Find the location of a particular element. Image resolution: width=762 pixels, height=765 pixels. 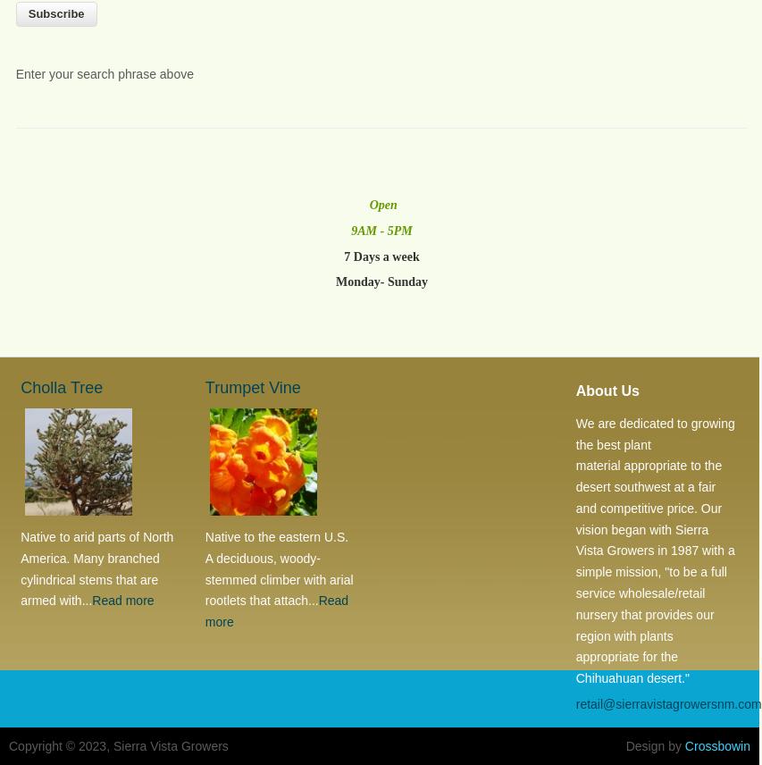

'Crossbowin' is located at coordinates (716, 745).